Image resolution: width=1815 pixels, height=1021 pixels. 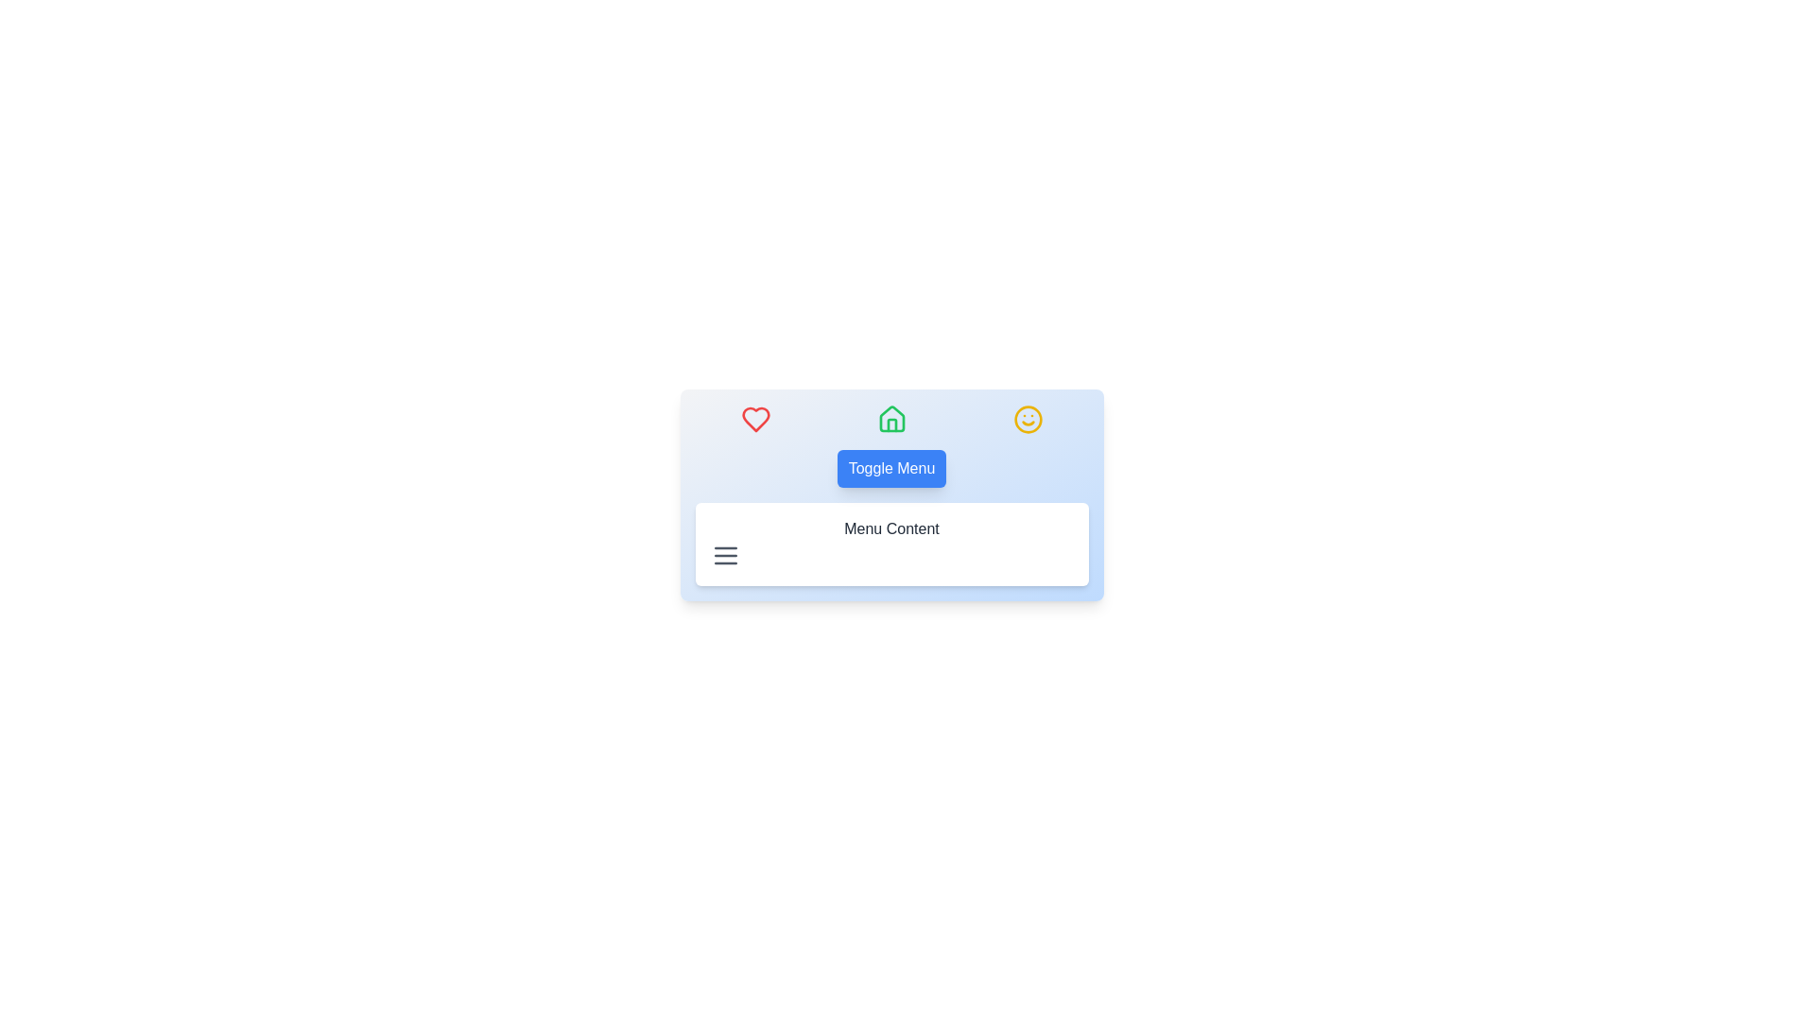 I want to click on the lower vertical bar of the central green house icon in the navigation interface, which is part of the house-shaped icon, so click(x=890, y=425).